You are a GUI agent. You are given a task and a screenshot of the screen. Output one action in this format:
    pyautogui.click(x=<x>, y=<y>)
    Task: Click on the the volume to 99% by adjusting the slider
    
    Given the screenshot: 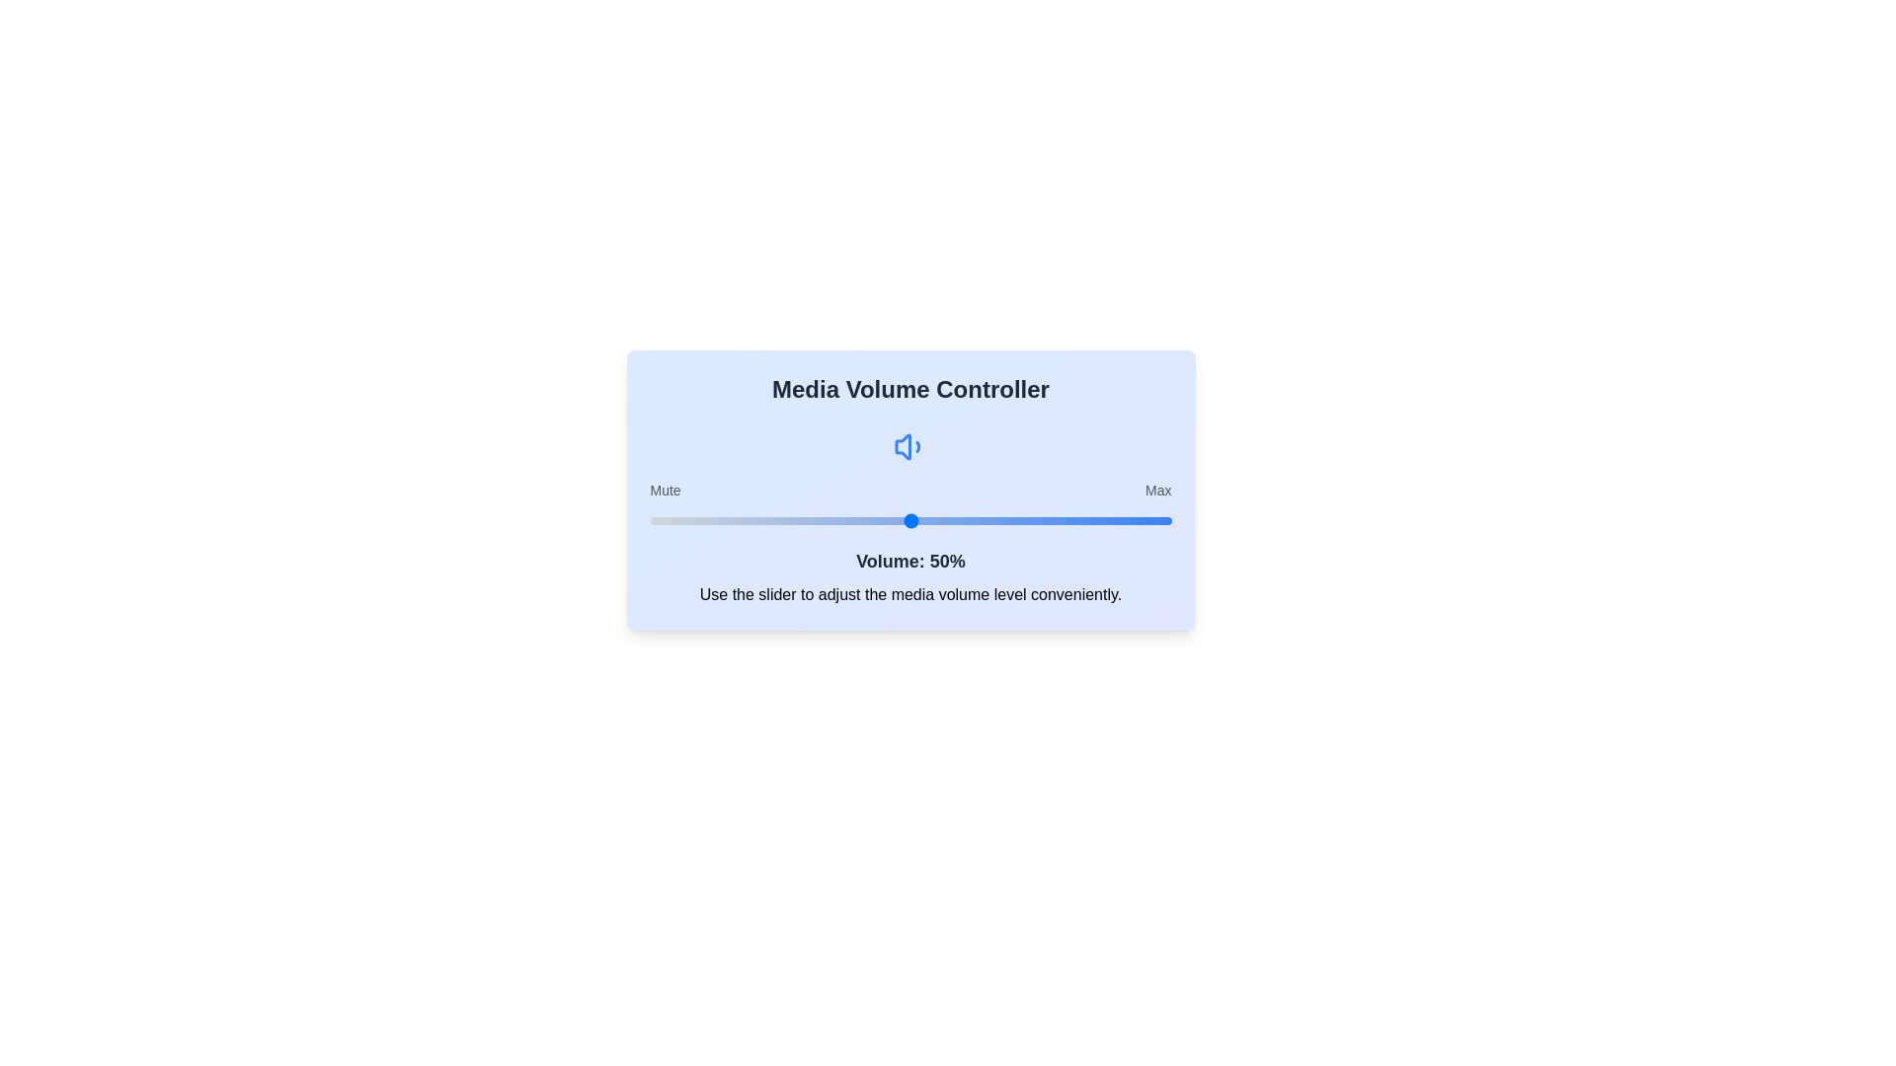 What is the action you would take?
    pyautogui.click(x=1166, y=520)
    